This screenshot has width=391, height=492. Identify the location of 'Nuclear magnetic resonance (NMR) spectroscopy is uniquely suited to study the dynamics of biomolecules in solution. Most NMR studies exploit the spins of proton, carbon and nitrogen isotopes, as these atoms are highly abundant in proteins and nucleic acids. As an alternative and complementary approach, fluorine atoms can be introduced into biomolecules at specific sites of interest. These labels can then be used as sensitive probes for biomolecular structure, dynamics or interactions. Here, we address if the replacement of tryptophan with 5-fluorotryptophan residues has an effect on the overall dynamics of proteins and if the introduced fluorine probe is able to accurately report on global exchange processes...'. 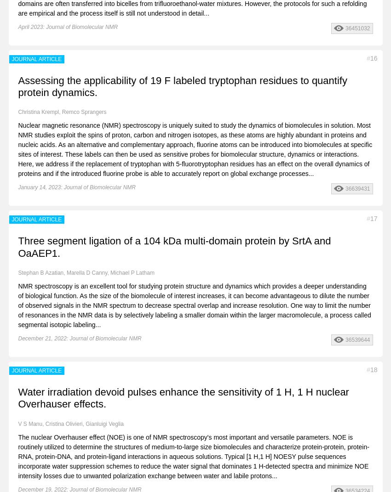
(195, 149).